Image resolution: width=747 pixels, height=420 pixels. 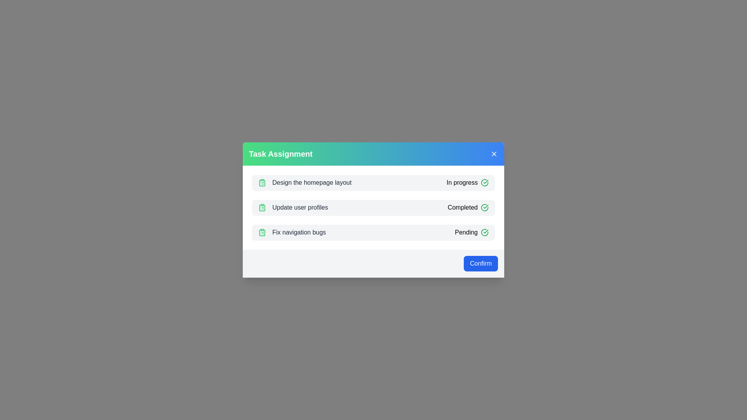 I want to click on the green circular icon with a check mark that indicates 'In progress', located at the right of the 'In progress' text, so click(x=484, y=183).